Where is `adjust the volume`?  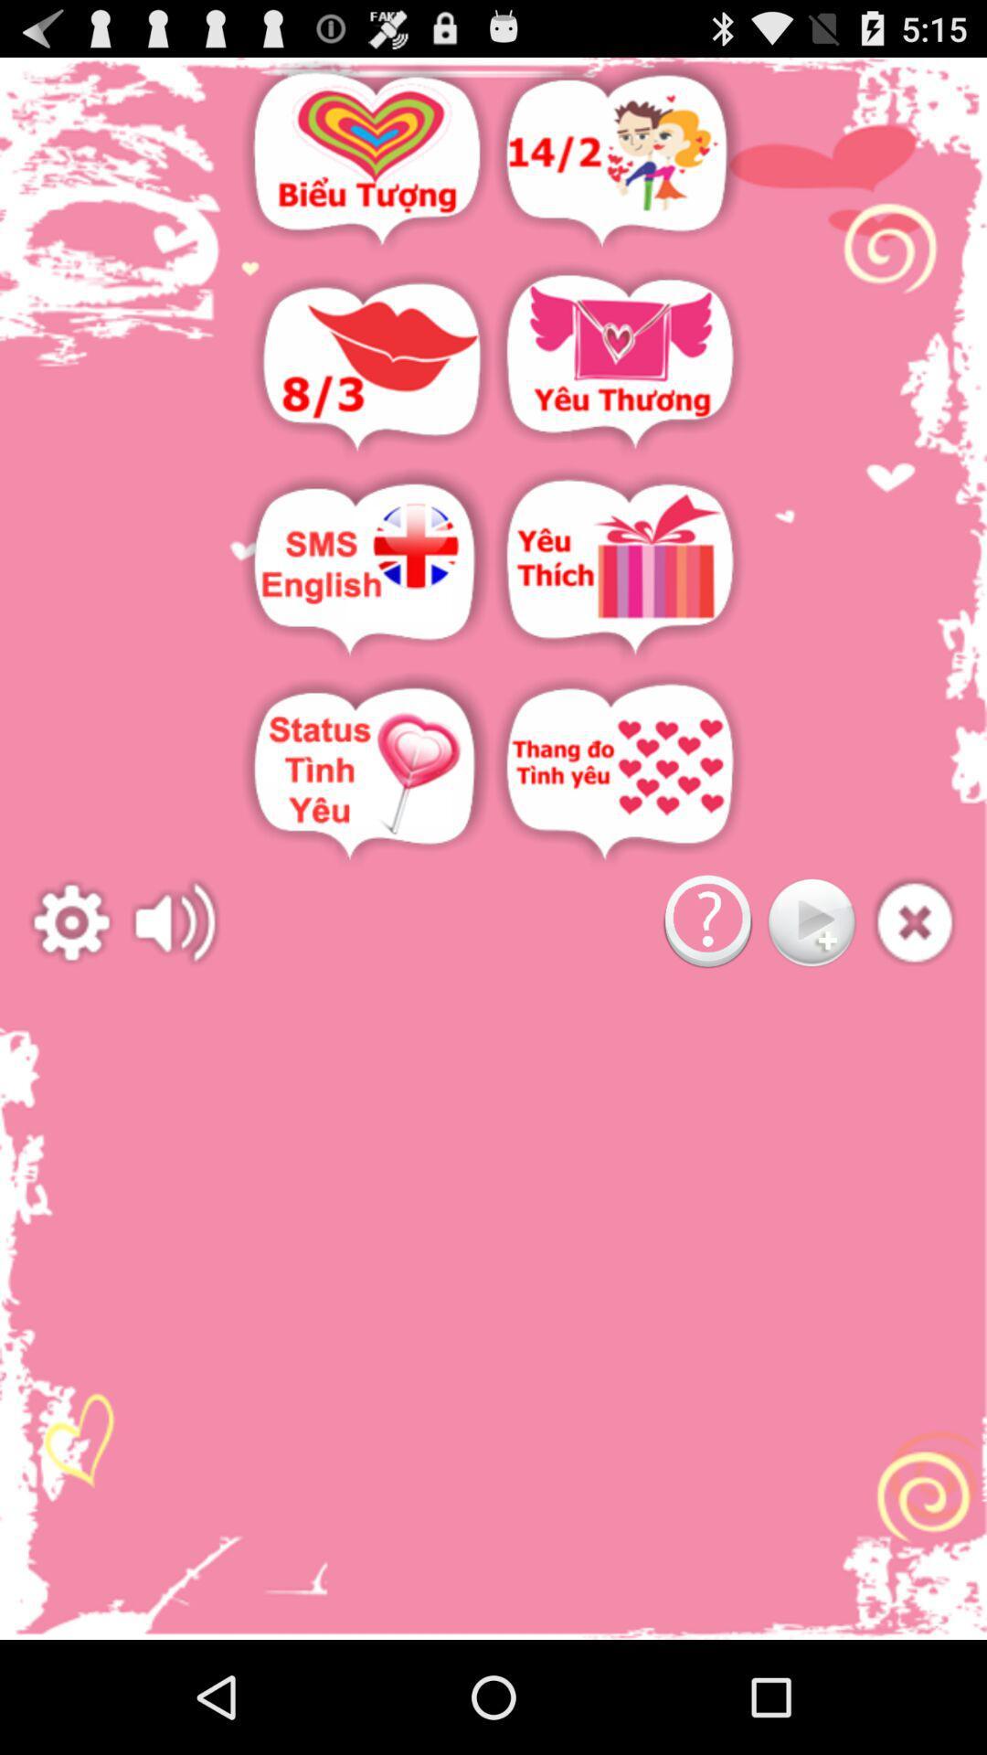 adjust the volume is located at coordinates (175, 922).